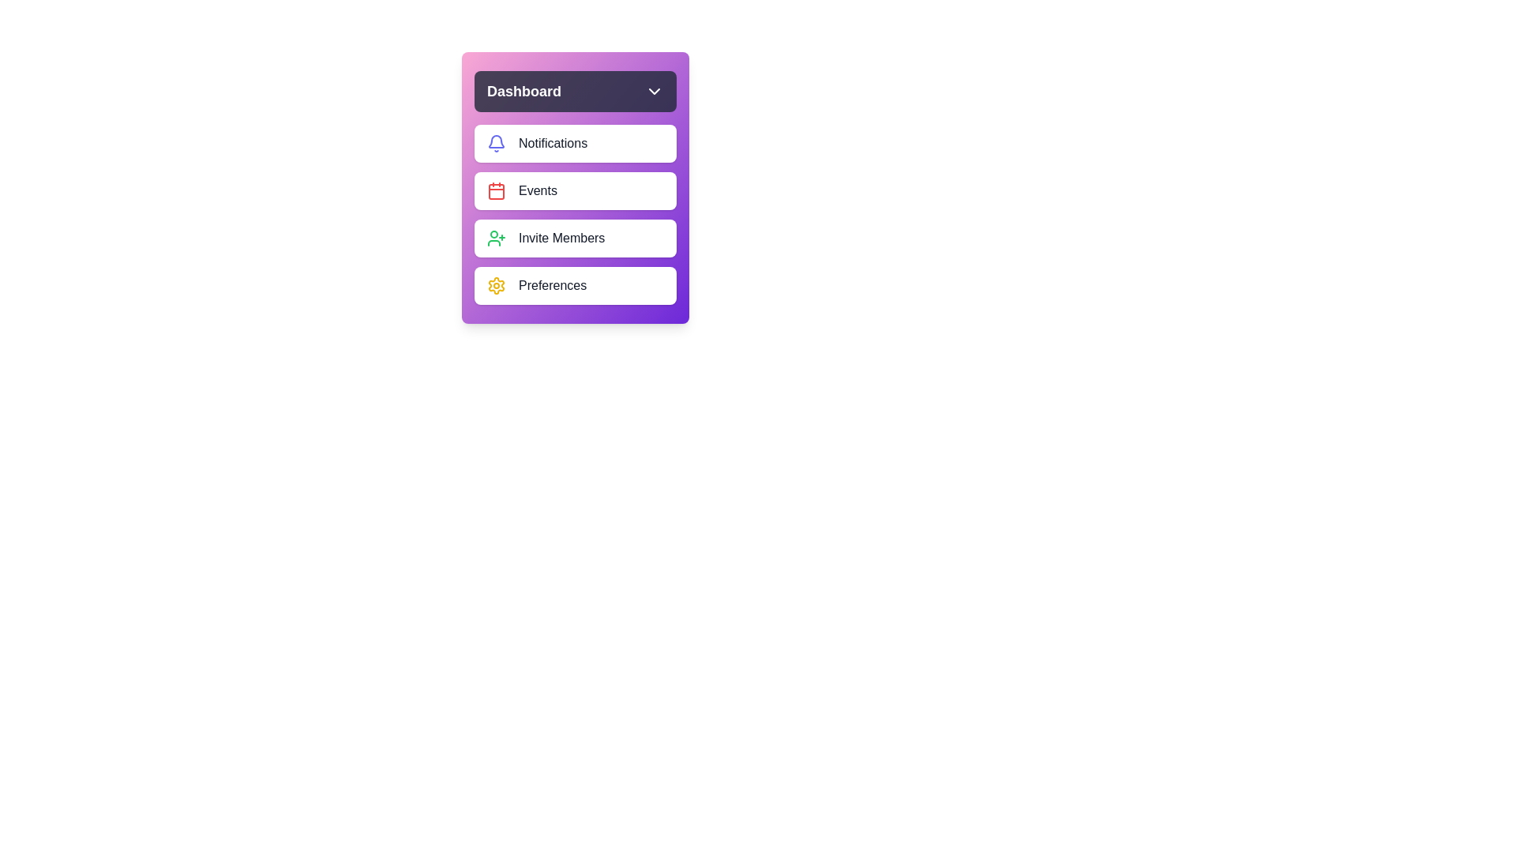 This screenshot has height=853, width=1516. Describe the element at coordinates (575, 190) in the screenshot. I see `the menu item Events` at that location.